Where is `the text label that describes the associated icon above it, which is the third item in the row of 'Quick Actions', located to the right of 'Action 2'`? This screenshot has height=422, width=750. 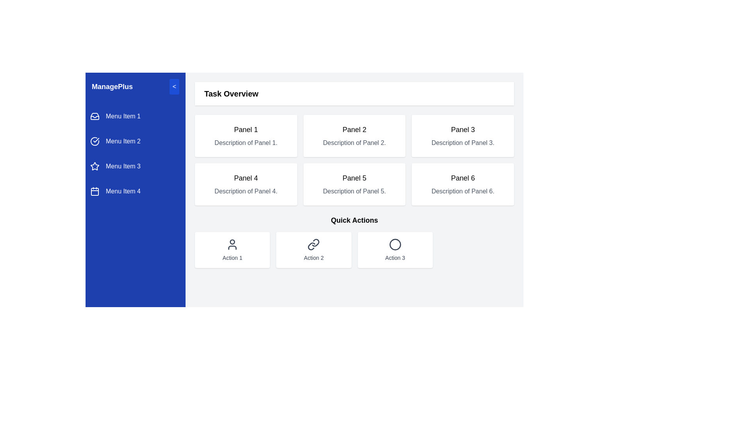
the text label that describes the associated icon above it, which is the third item in the row of 'Quick Actions', located to the right of 'Action 2' is located at coordinates (395, 257).